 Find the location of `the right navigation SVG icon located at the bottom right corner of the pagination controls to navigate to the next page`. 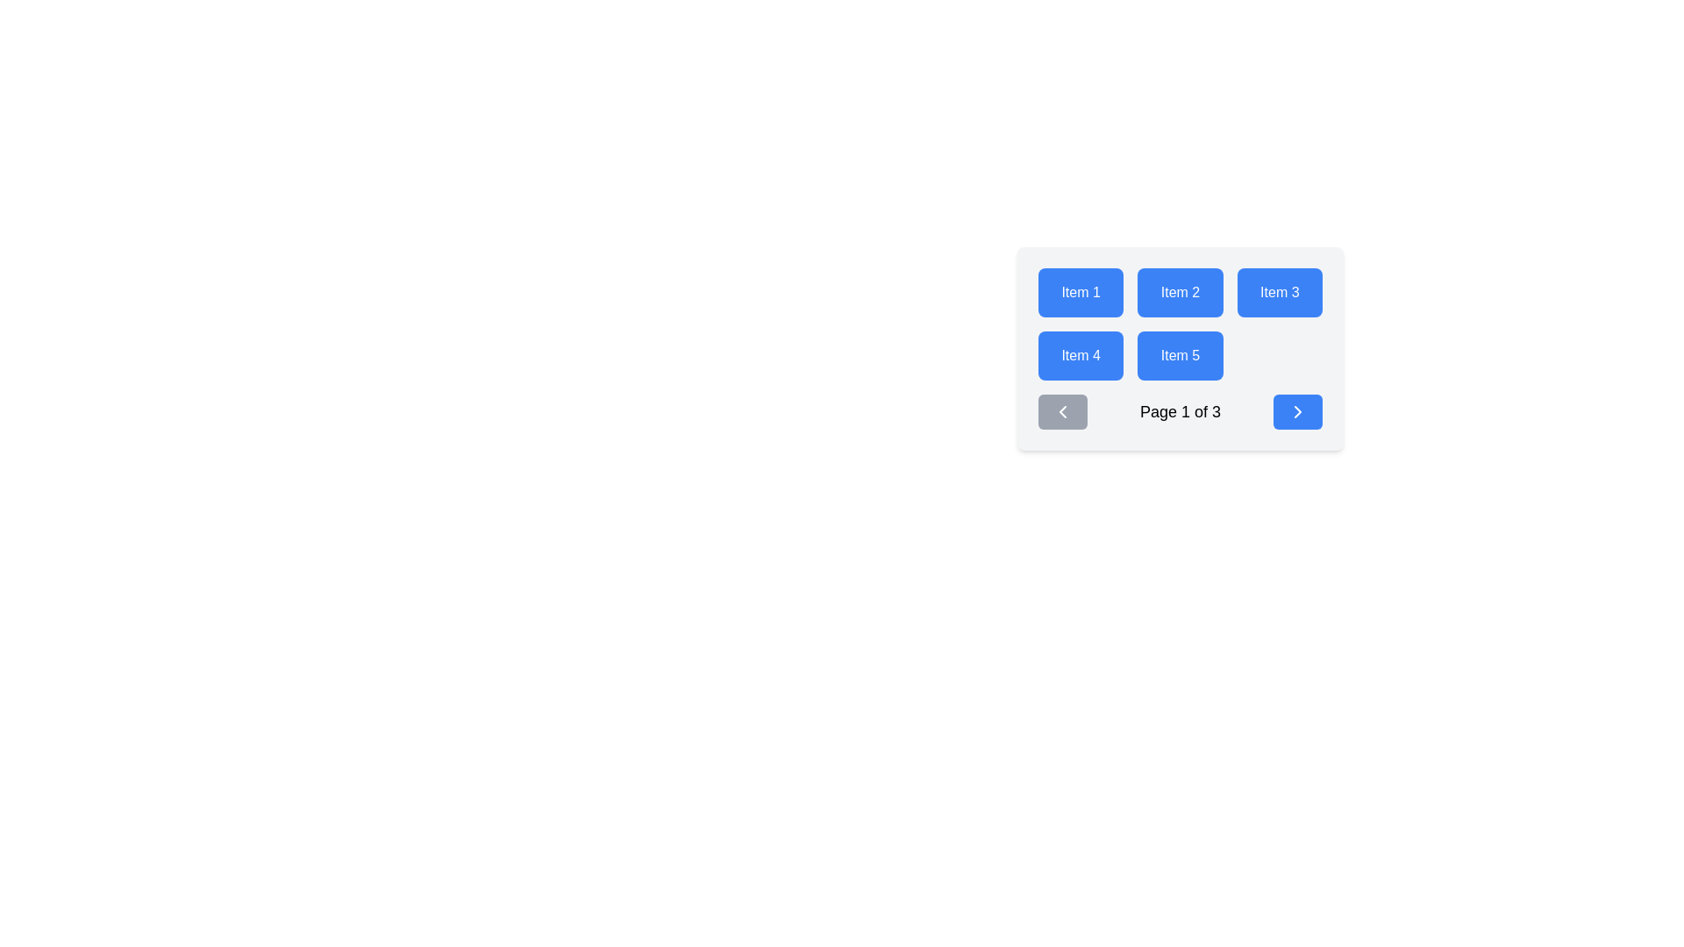

the right navigation SVG icon located at the bottom right corner of the pagination controls to navigate to the next page is located at coordinates (1297, 412).